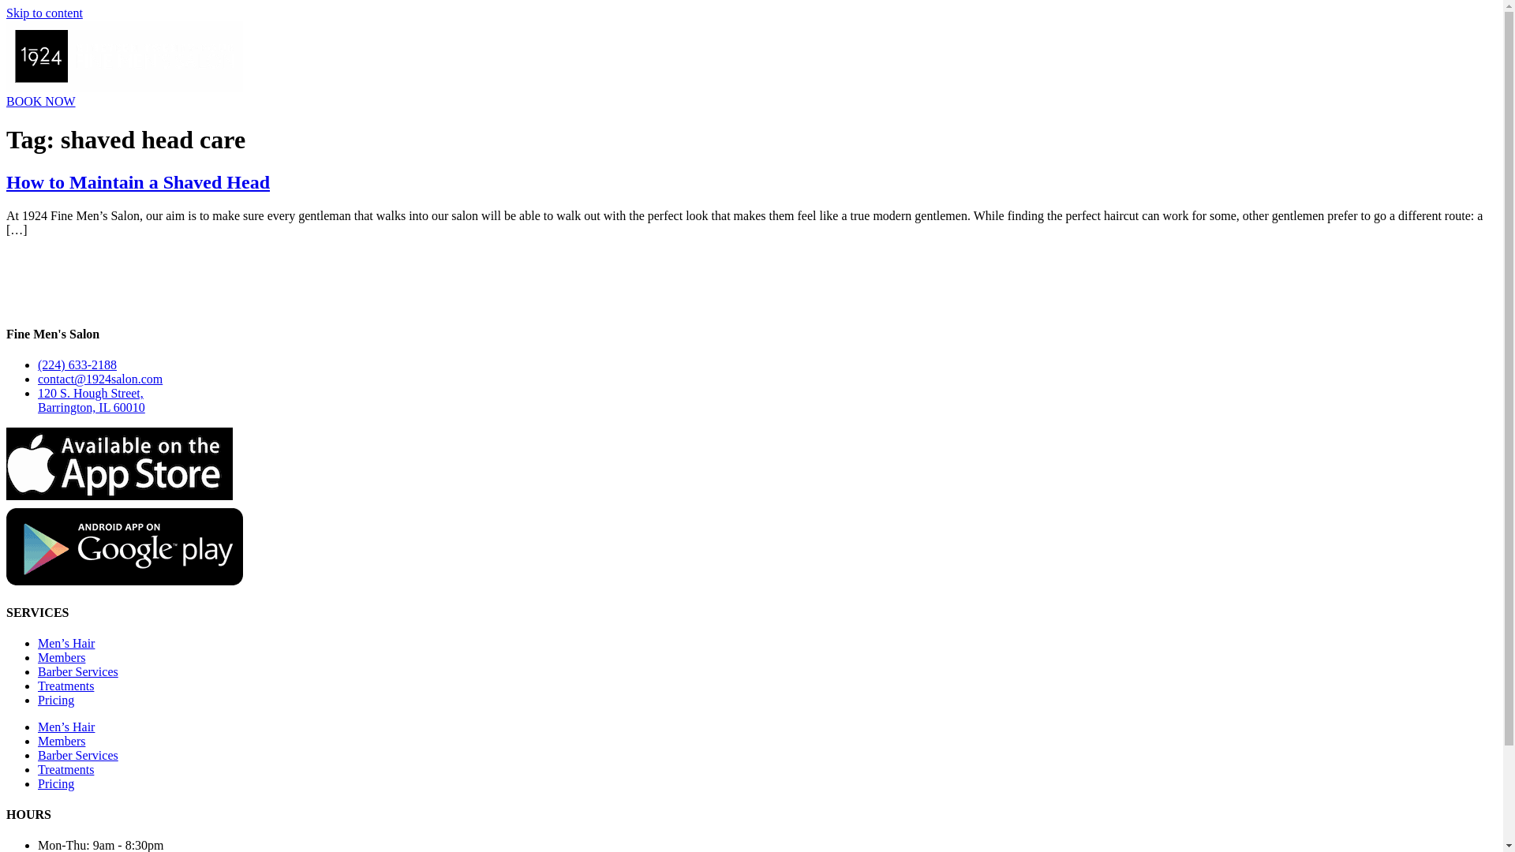 The height and width of the screenshot is (852, 1515). Describe the element at coordinates (137, 181) in the screenshot. I see `'How to Maintain a Shaved Head'` at that location.